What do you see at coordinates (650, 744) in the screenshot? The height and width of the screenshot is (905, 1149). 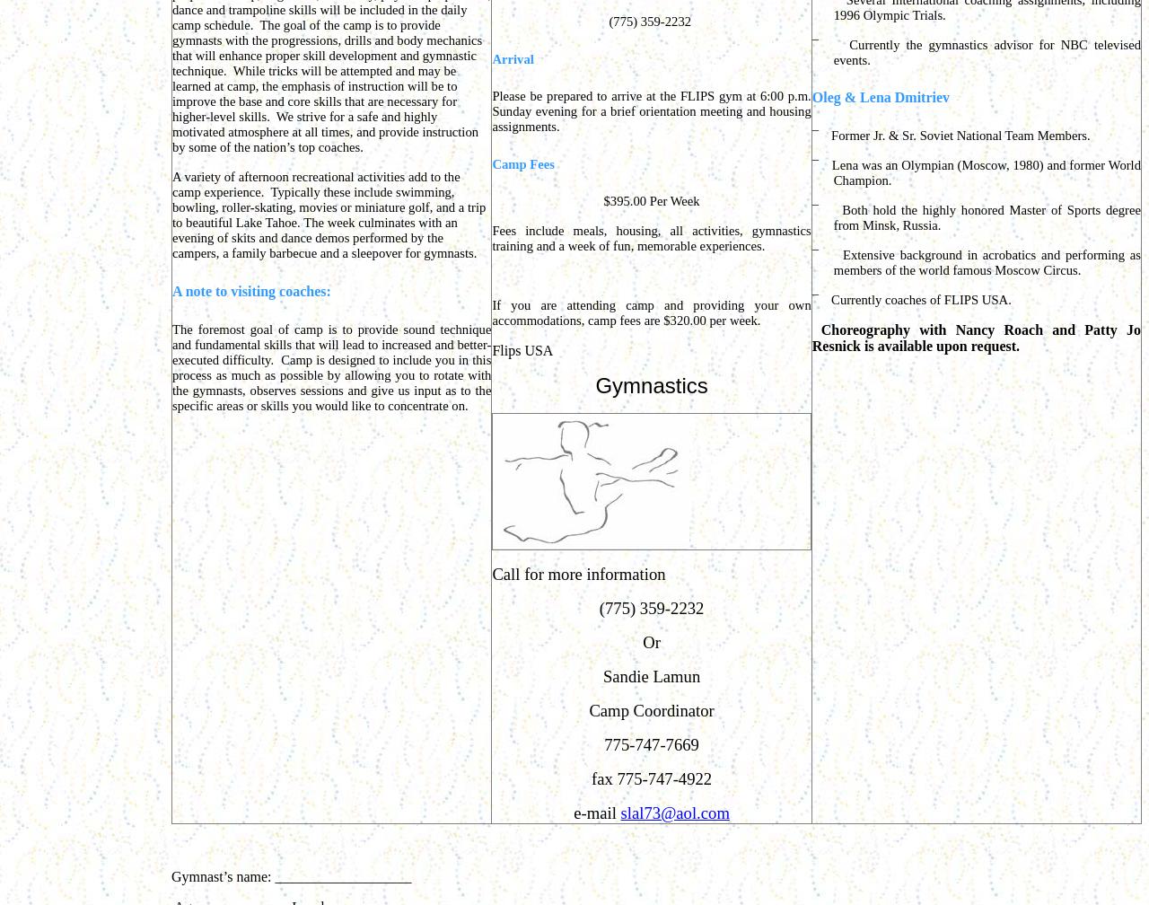 I see `'775-747-7669'` at bounding box center [650, 744].